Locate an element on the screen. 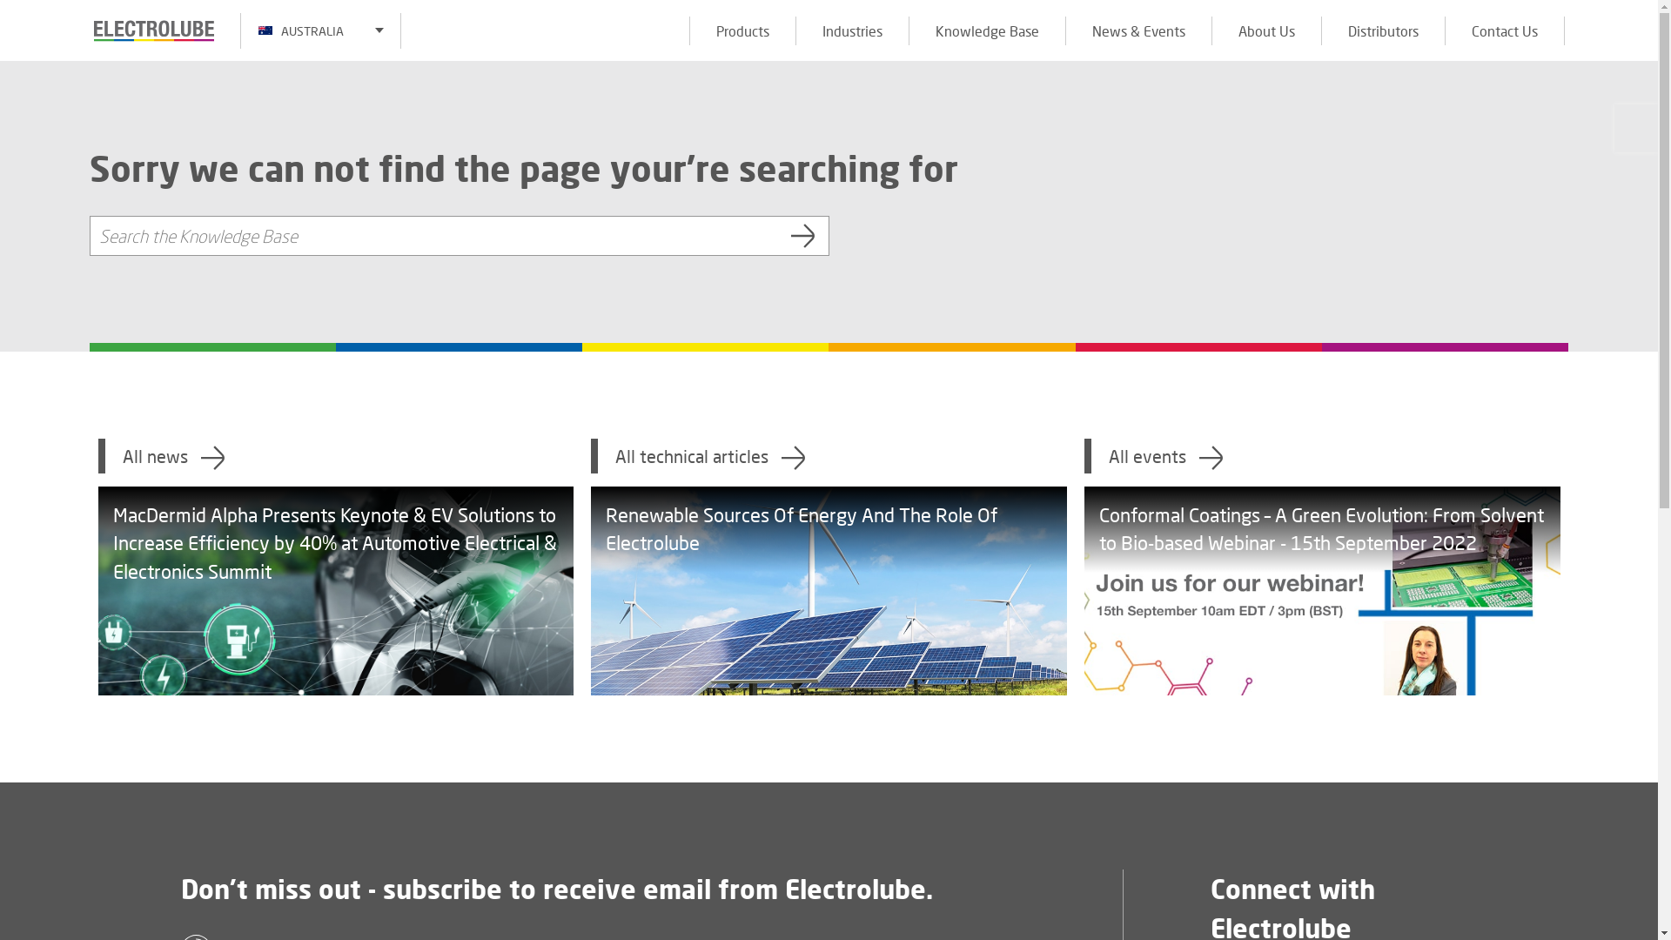  'About Us' is located at coordinates (1211, 30).